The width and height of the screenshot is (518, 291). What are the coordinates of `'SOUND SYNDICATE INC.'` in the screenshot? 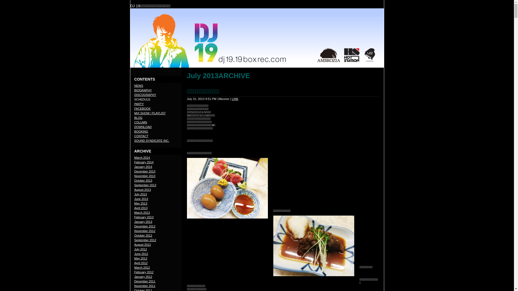 It's located at (151, 140).